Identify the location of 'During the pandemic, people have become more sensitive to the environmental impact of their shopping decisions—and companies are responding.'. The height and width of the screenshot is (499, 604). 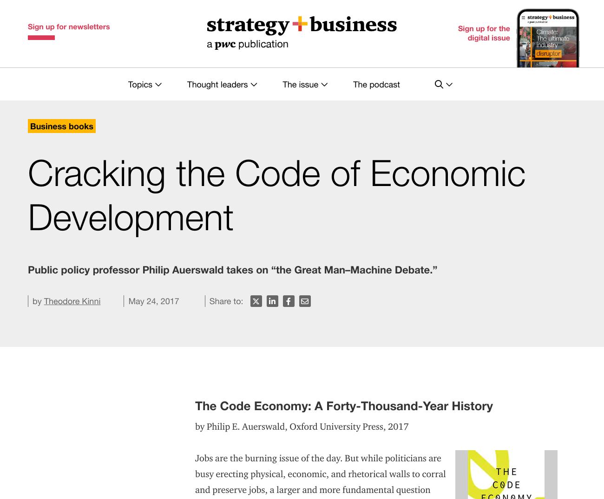
(307, 410).